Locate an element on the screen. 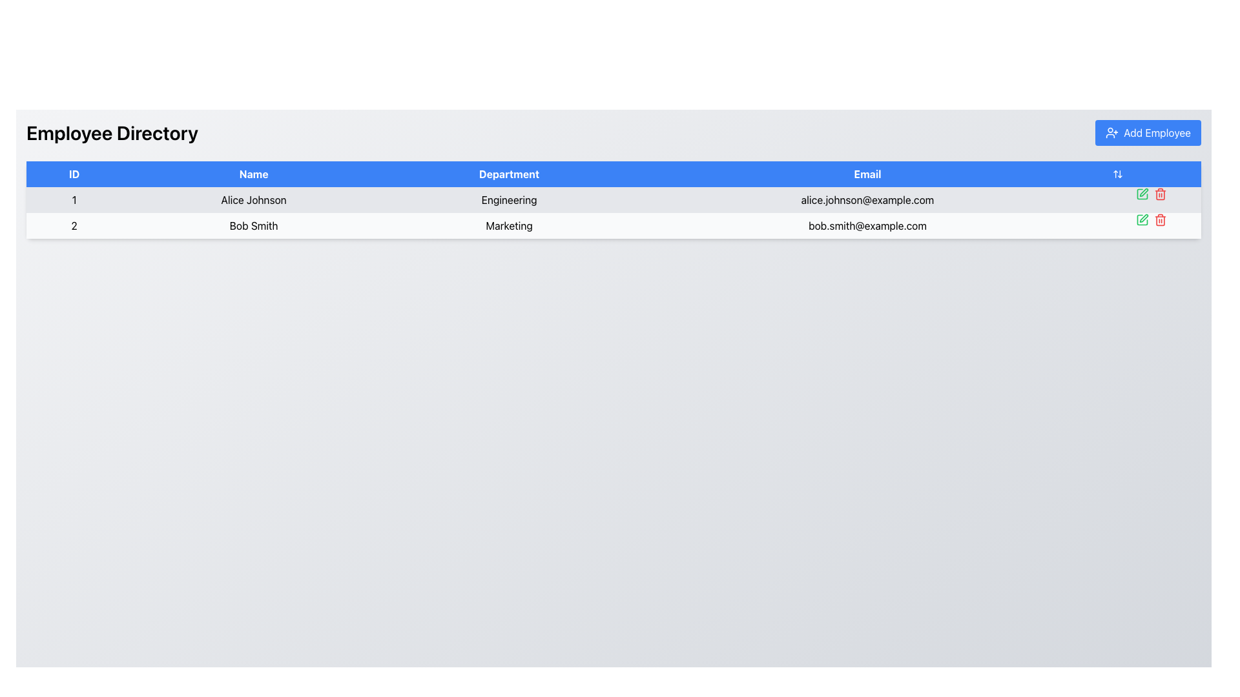  the text element displaying the number '2' in the first cell of the second row under the 'ID' column in the table is located at coordinates (74, 225).